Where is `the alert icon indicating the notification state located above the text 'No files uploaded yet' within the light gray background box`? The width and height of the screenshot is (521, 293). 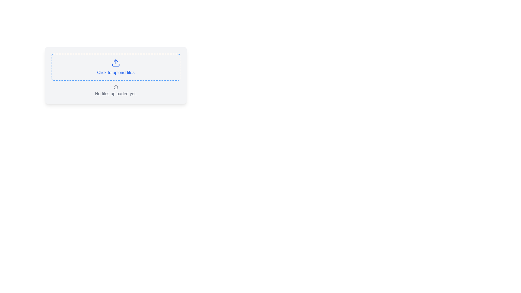
the alert icon indicating the notification state located above the text 'No files uploaded yet' within the light gray background box is located at coordinates (116, 87).